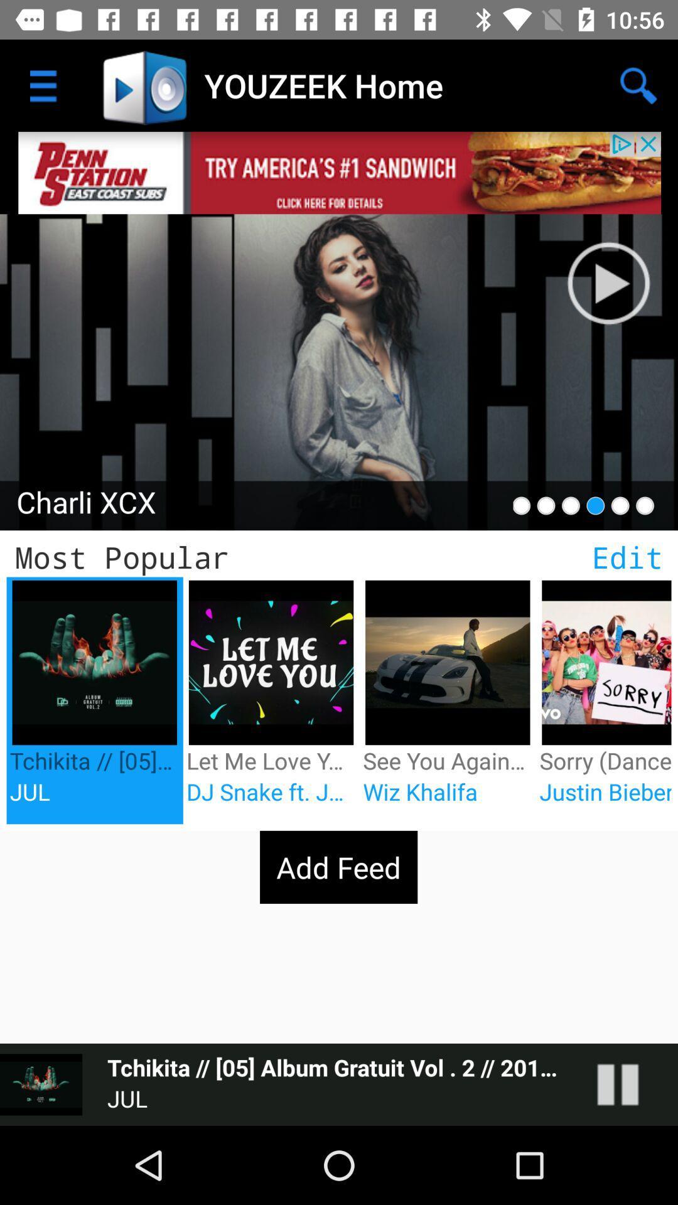 This screenshot has width=678, height=1205. What do you see at coordinates (630, 1084) in the screenshot?
I see `the pause icon` at bounding box center [630, 1084].